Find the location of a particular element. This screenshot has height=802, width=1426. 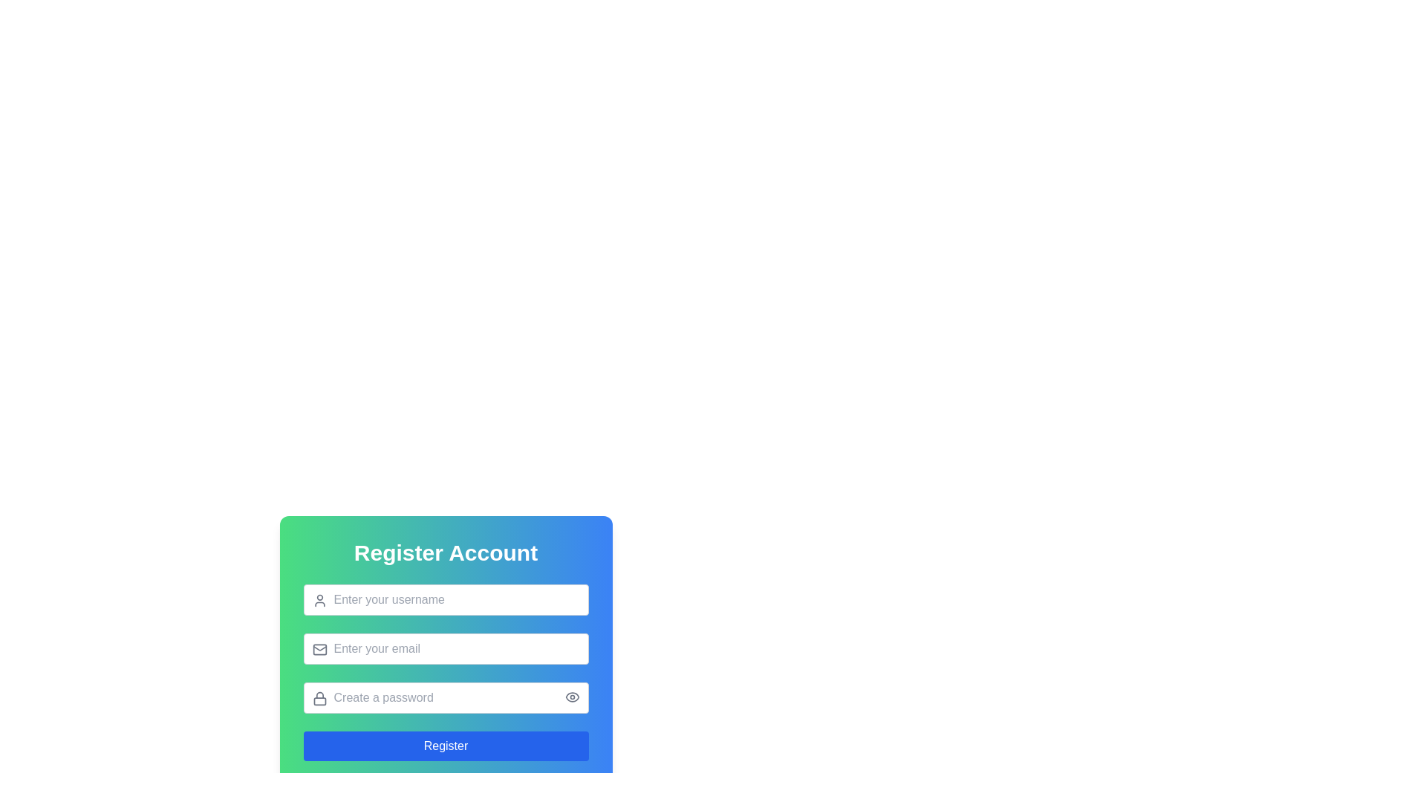

the text heading that indicates the purpose of the form for registering a new account, which is positioned at the top inside a rounded rectangle with a gradient background is located at coordinates (445, 552).